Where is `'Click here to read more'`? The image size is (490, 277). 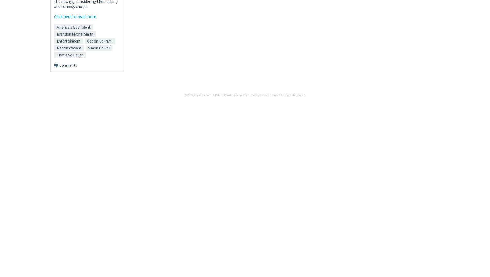
'Click here to read more' is located at coordinates (75, 16).